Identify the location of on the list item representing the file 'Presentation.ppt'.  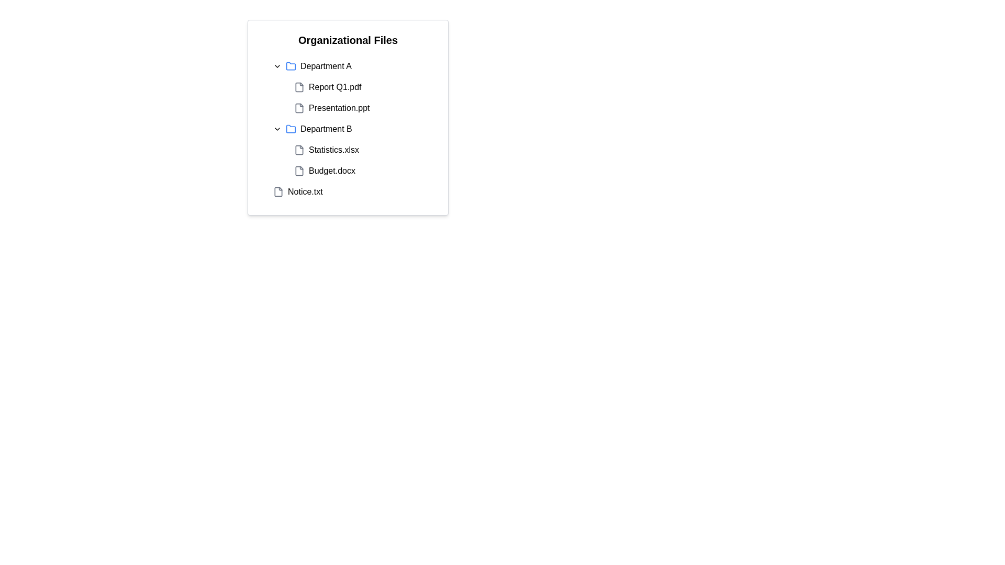
(359, 108).